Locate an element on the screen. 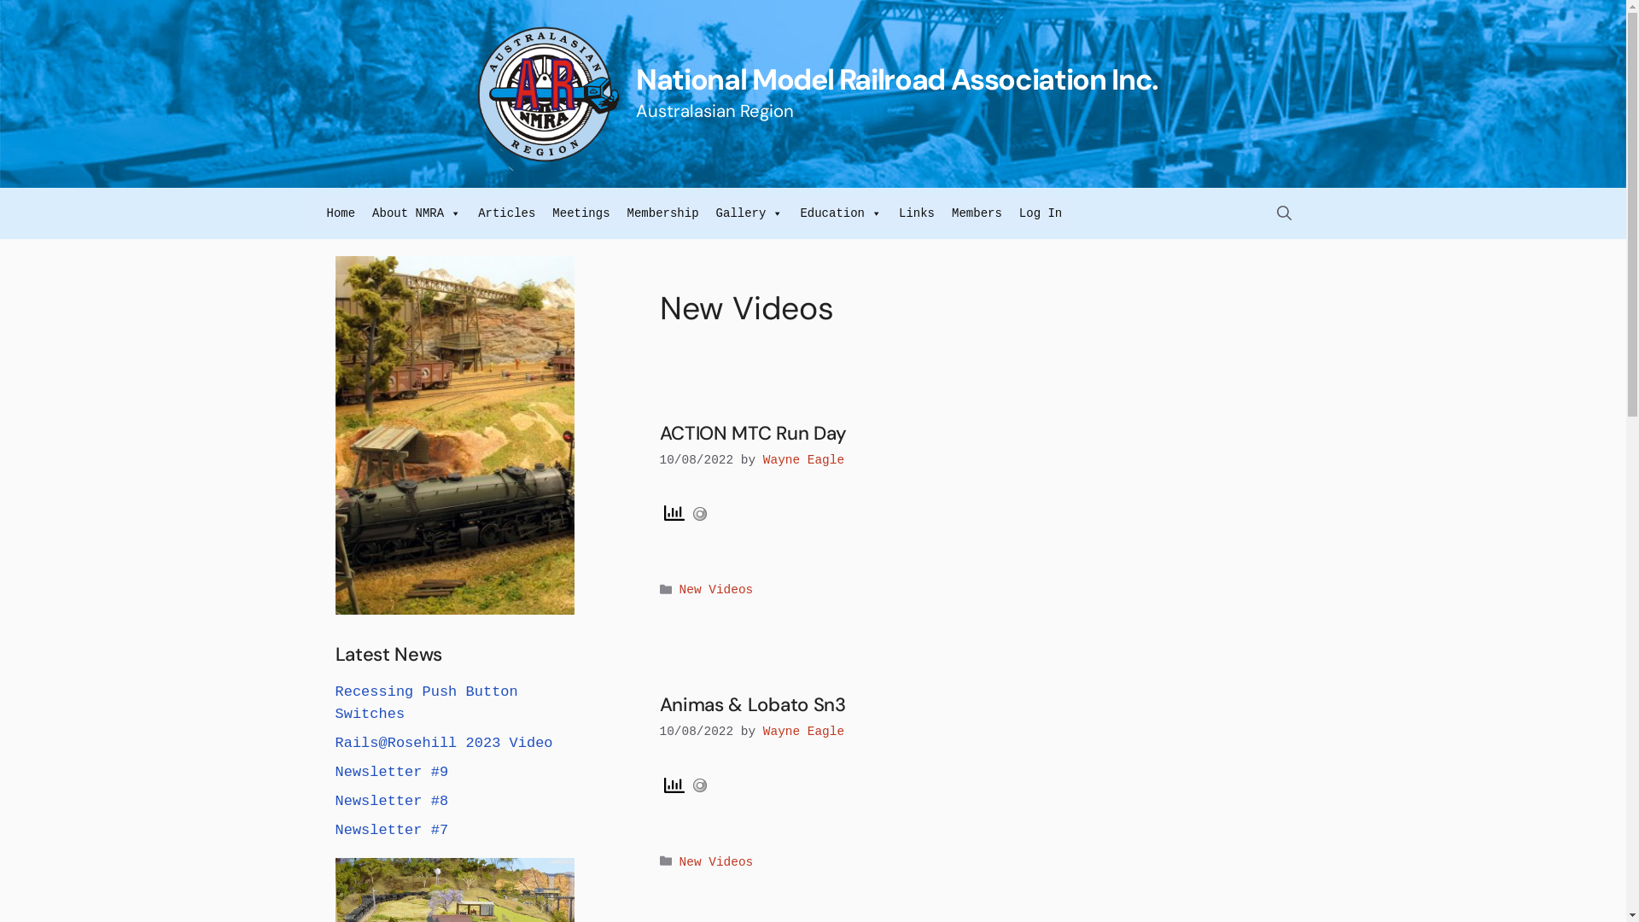  'Members' is located at coordinates (942, 213).